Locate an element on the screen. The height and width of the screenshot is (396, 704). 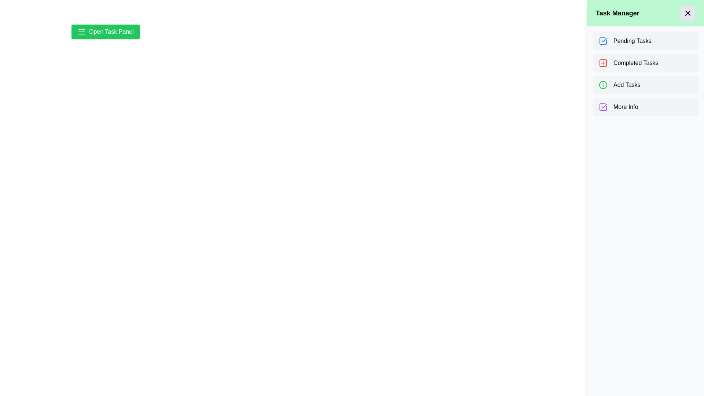
the task category Pending Tasks from the list is located at coordinates (645, 41).